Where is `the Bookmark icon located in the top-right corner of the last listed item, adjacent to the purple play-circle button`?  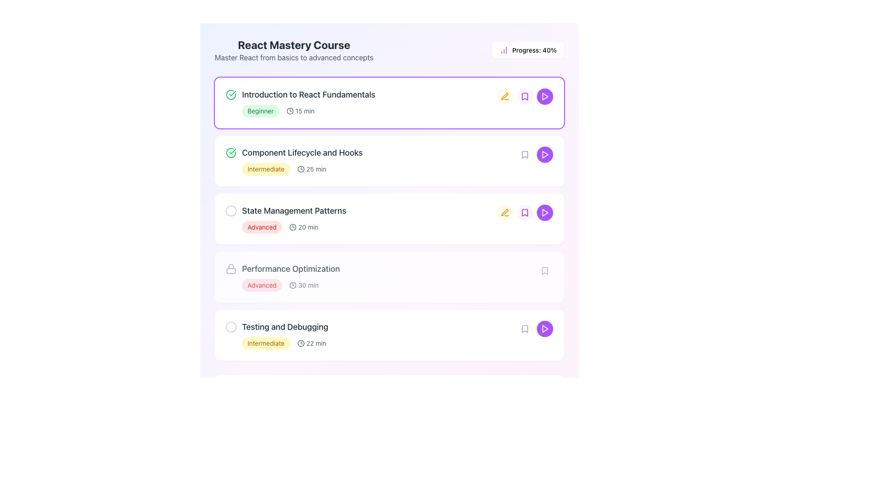
the Bookmark icon located in the top-right corner of the last listed item, adjacent to the purple play-circle button is located at coordinates (525, 329).